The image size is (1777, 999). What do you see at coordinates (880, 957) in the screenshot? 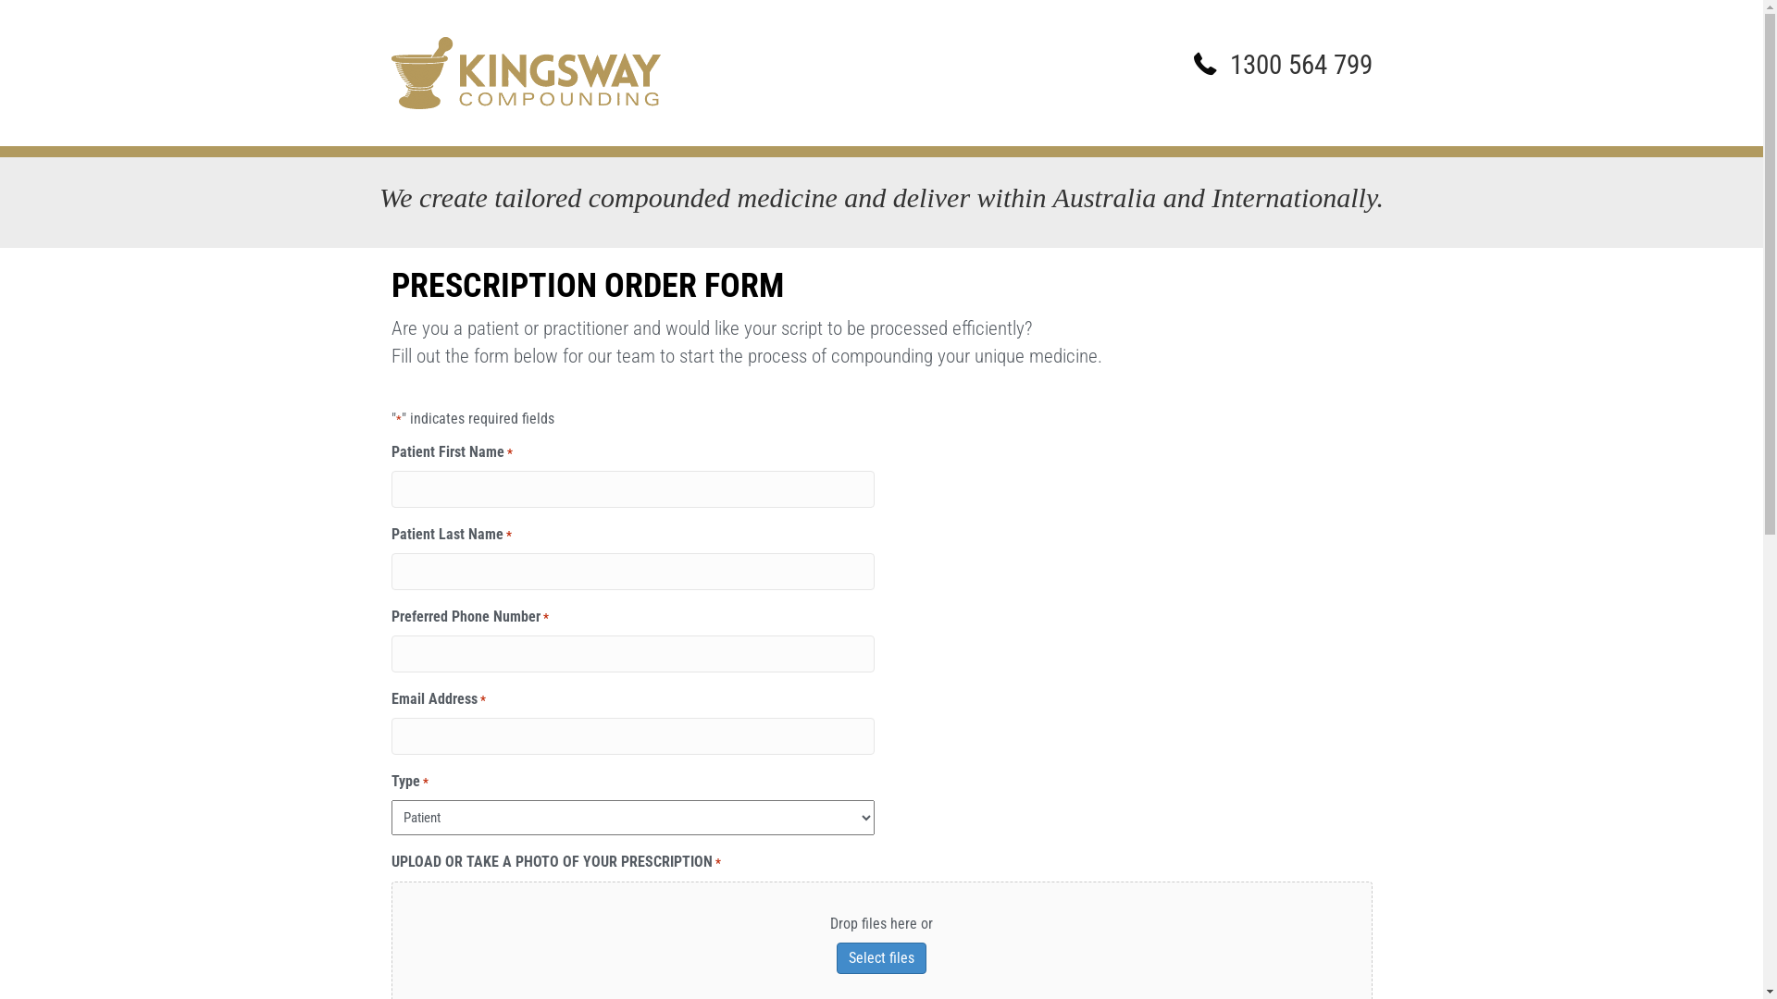
I see `'Select files'` at bounding box center [880, 957].